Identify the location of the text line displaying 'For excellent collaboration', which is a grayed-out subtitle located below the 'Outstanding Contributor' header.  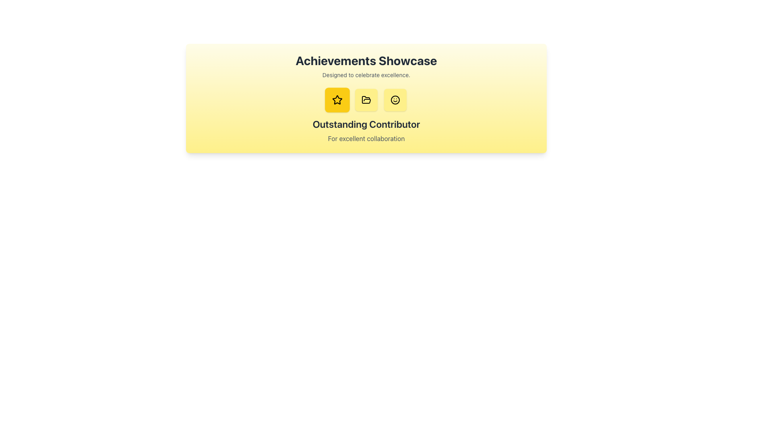
(366, 138).